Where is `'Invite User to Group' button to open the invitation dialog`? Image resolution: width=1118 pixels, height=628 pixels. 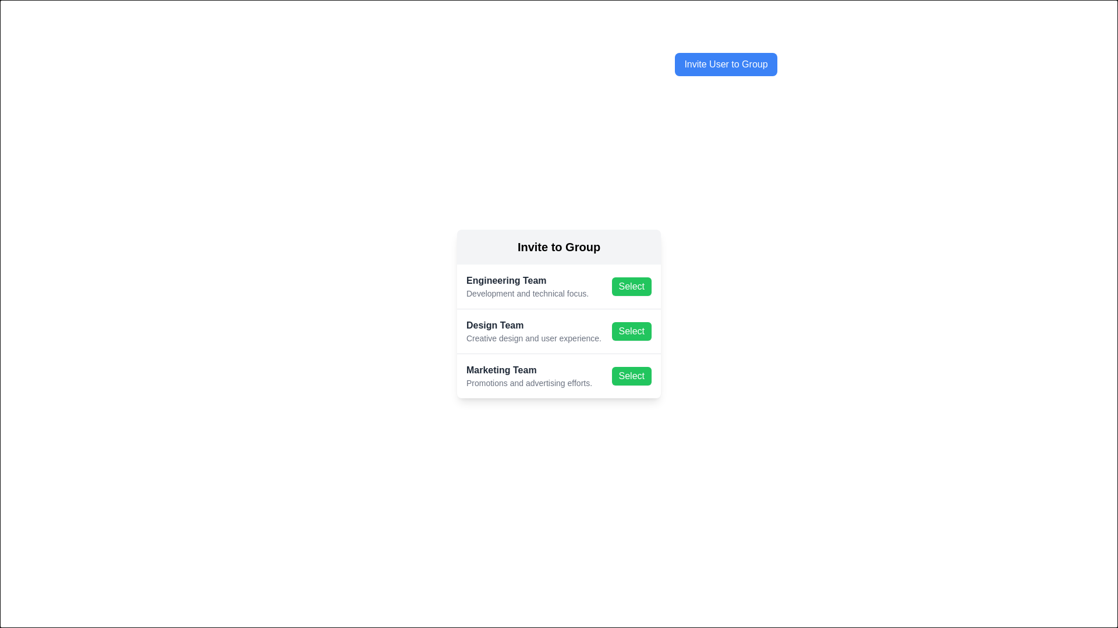 'Invite User to Group' button to open the invitation dialog is located at coordinates (726, 65).